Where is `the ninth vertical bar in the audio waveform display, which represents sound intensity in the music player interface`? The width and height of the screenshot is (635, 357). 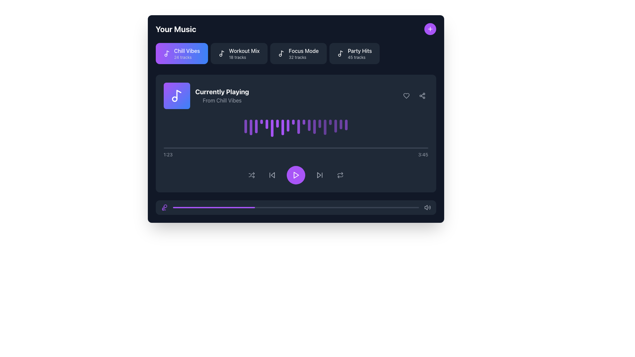
the ninth vertical bar in the audio waveform display, which represents sound intensity in the music player interface is located at coordinates (288, 126).